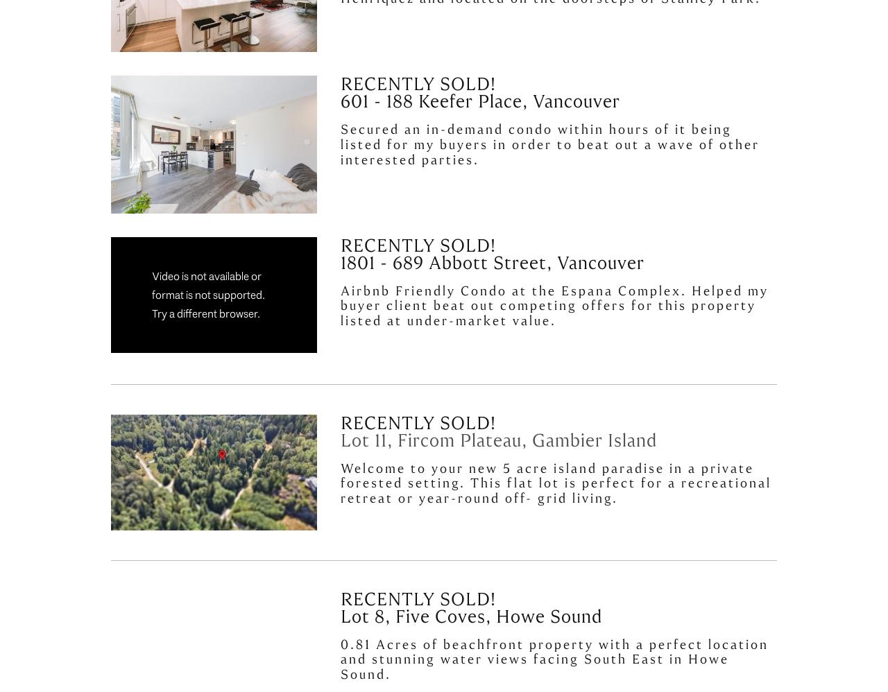 This screenshot has height=692, width=888. Describe the element at coordinates (471, 615) in the screenshot. I see `'Lot 8, Five Coves, Howe Sound'` at that location.